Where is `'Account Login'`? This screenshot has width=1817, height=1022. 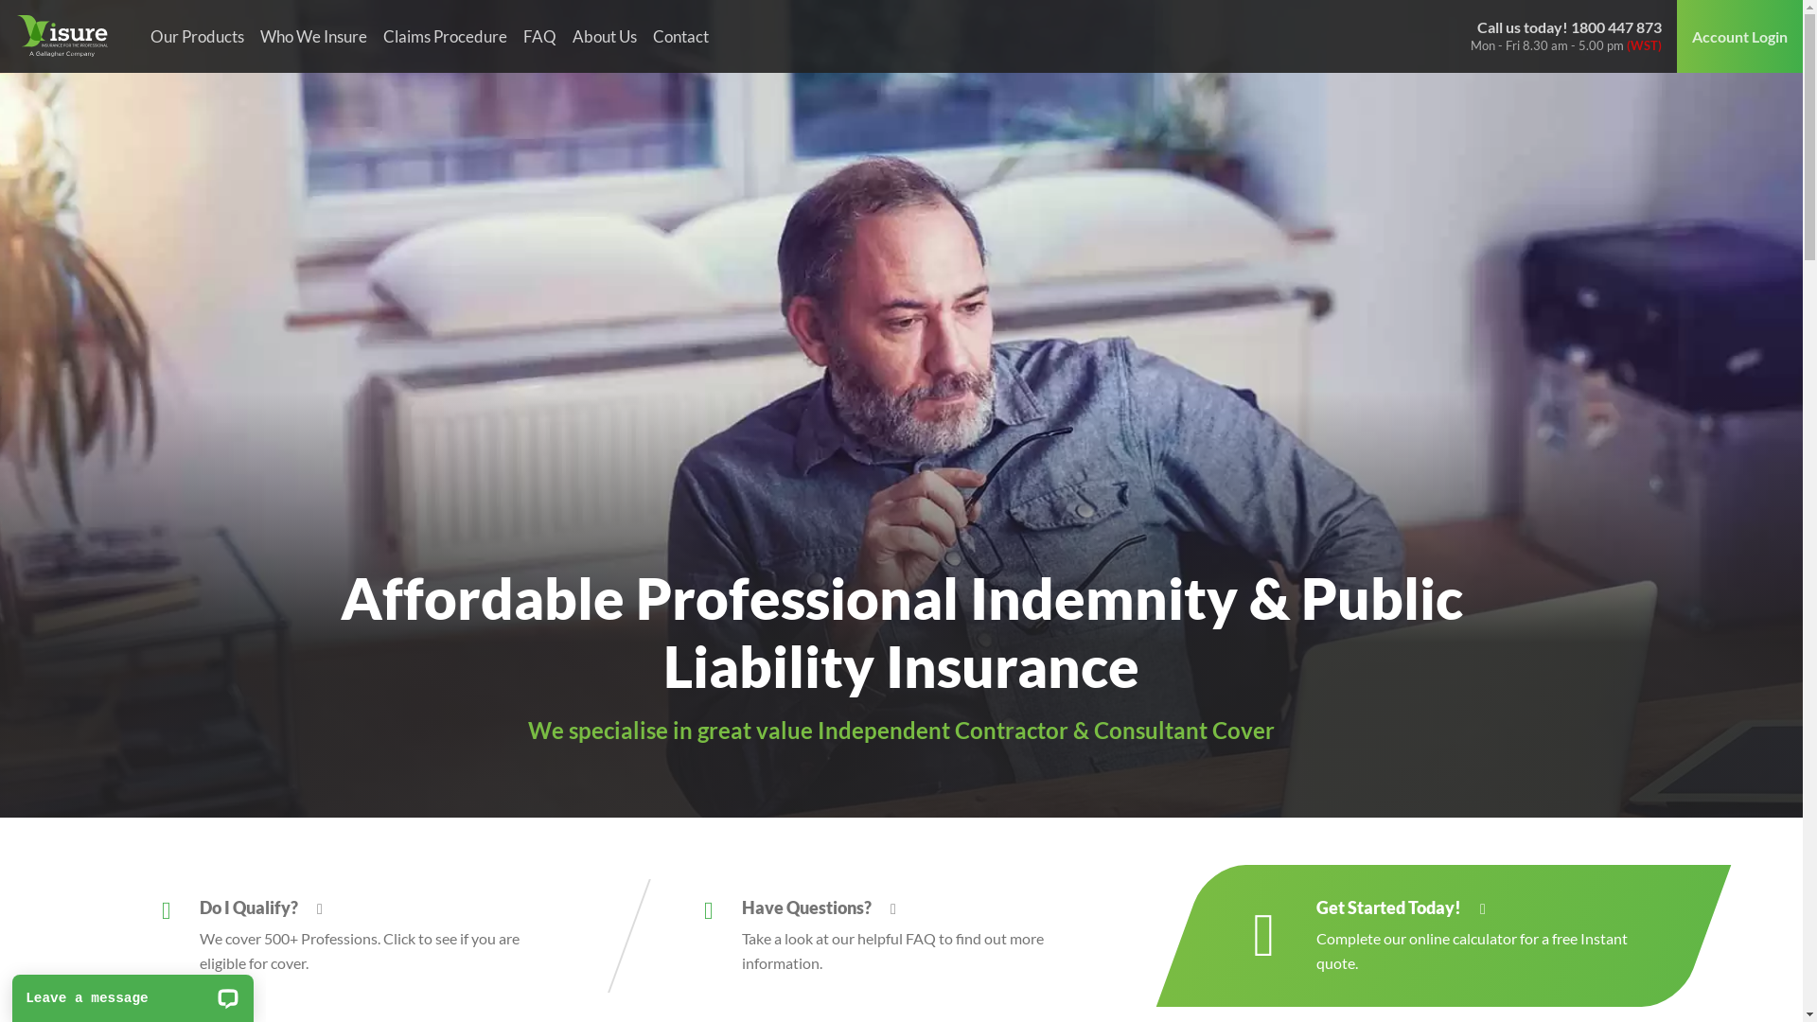 'Account Login' is located at coordinates (1739, 36).